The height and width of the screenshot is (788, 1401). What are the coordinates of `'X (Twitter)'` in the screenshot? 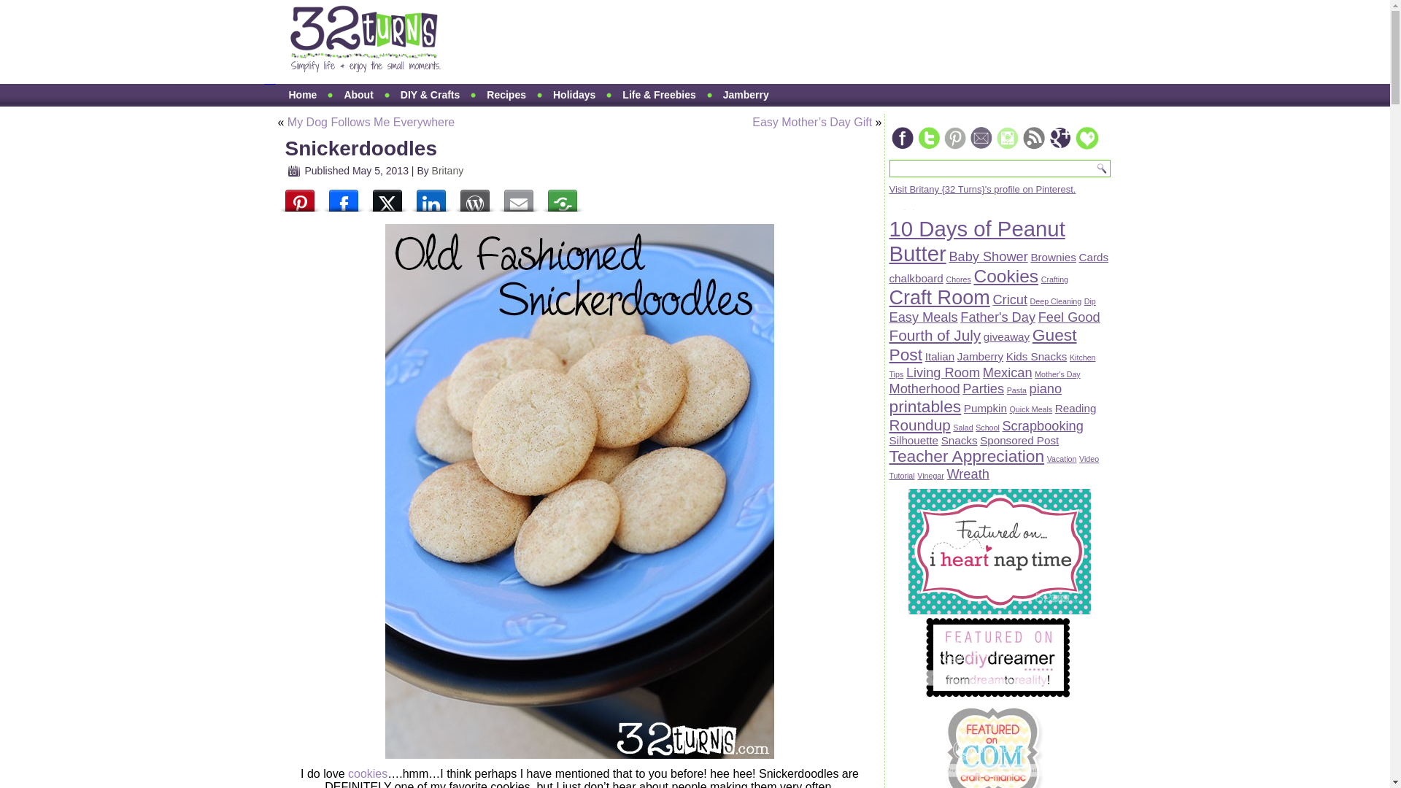 It's located at (386, 197).